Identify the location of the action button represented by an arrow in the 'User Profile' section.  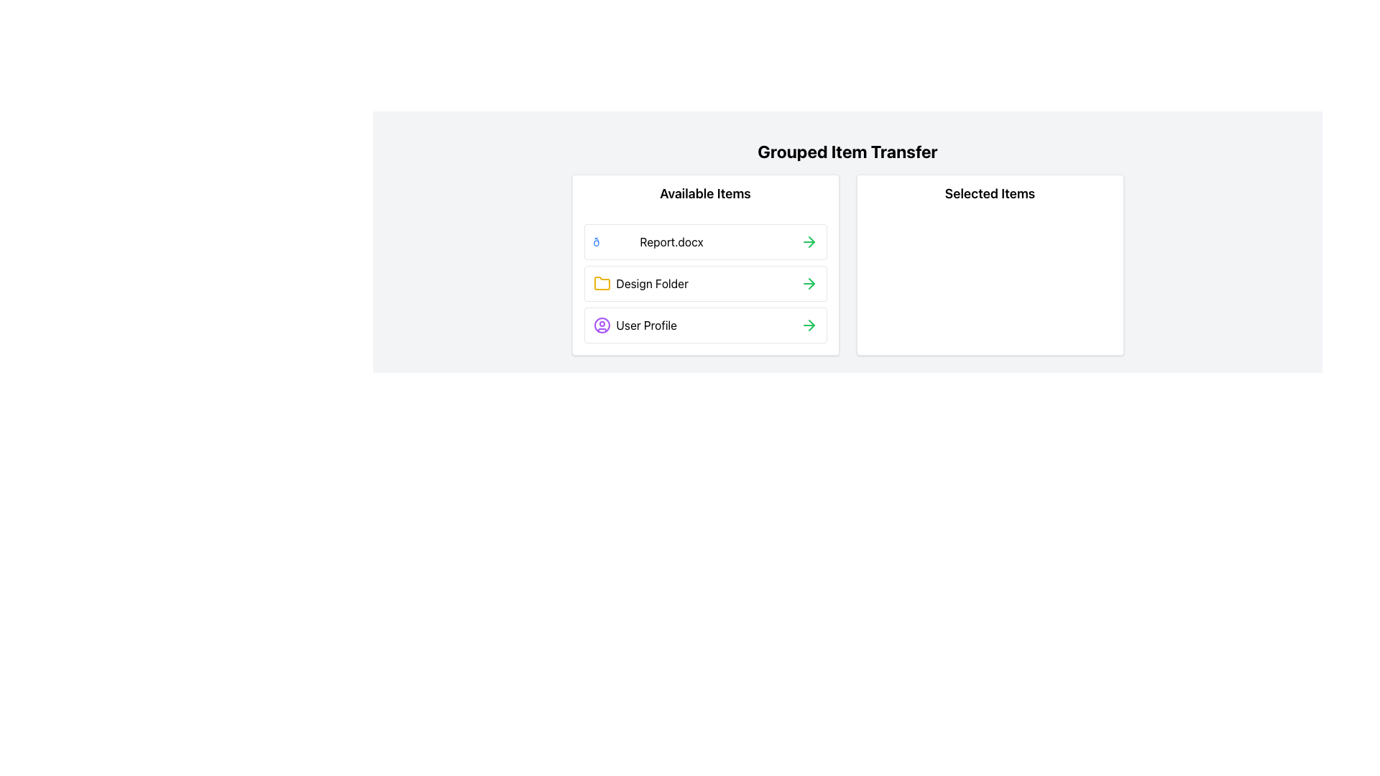
(809, 325).